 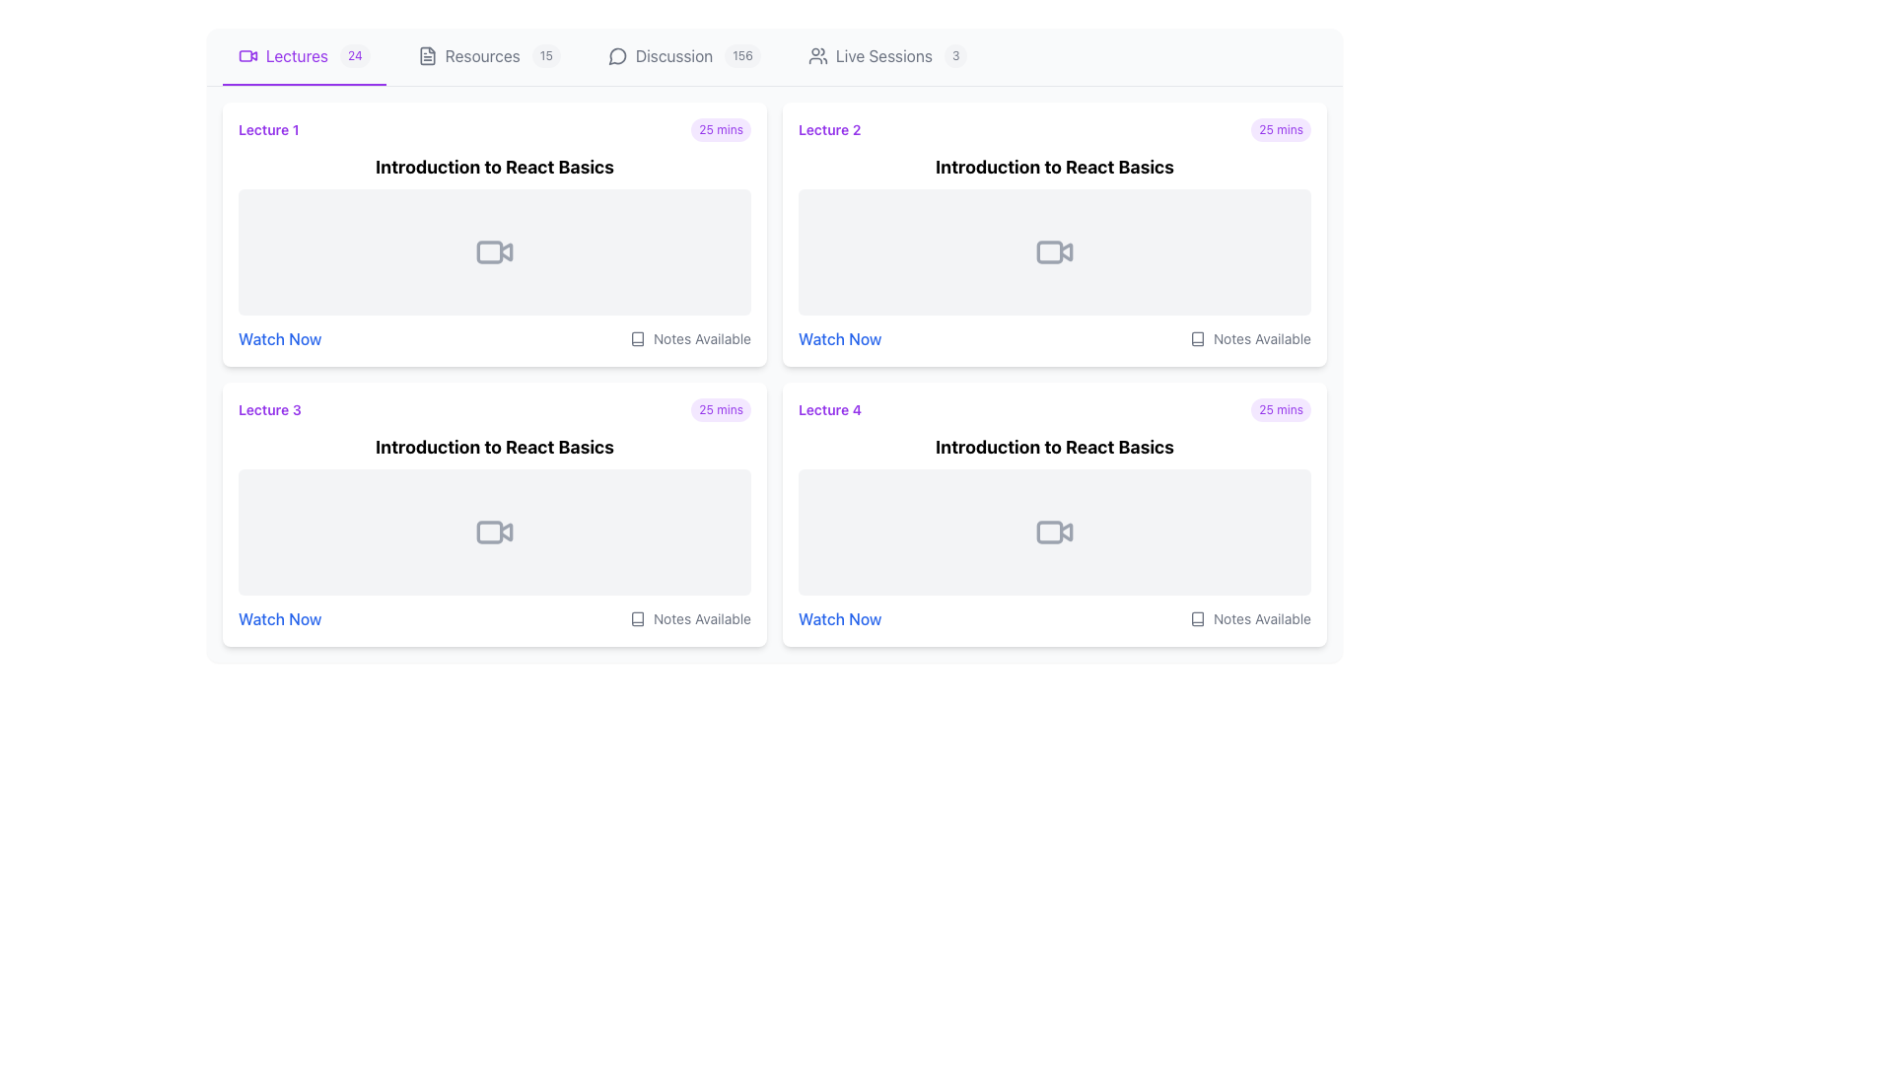 I want to click on the video icon centered in the gray rectangular area of the card component titled 'Introduction to React Basics', so click(x=495, y=513).